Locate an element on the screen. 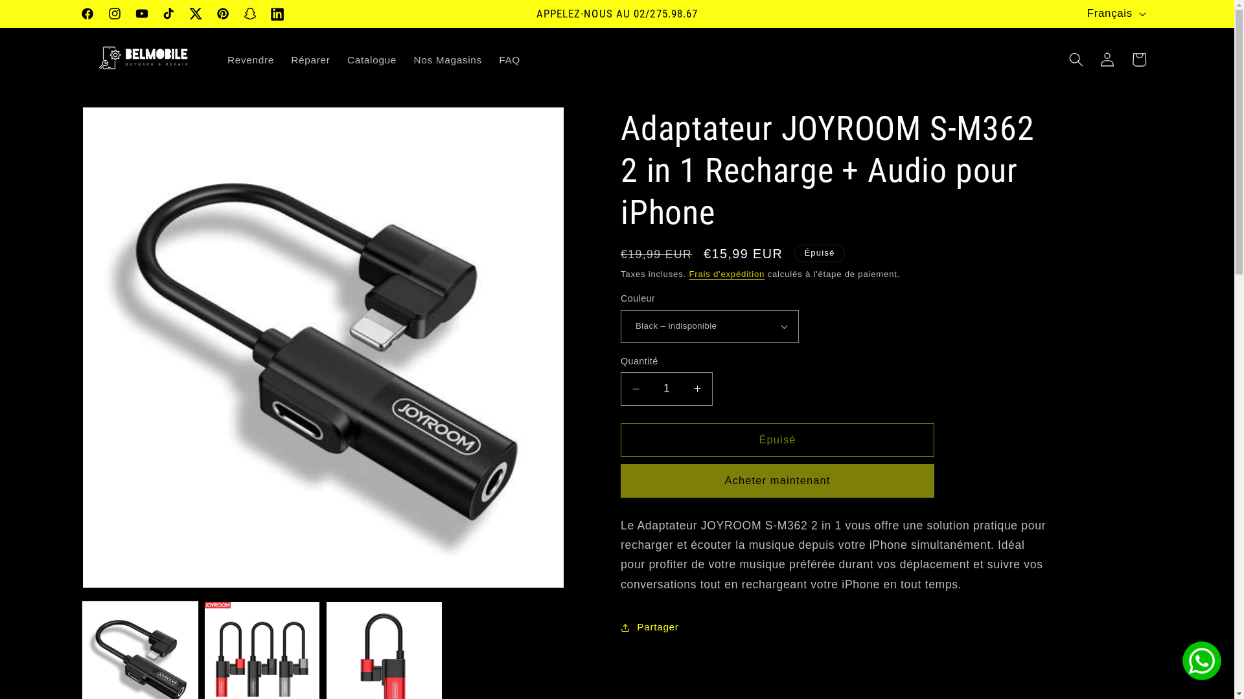  'Facebook' is located at coordinates (86, 14).